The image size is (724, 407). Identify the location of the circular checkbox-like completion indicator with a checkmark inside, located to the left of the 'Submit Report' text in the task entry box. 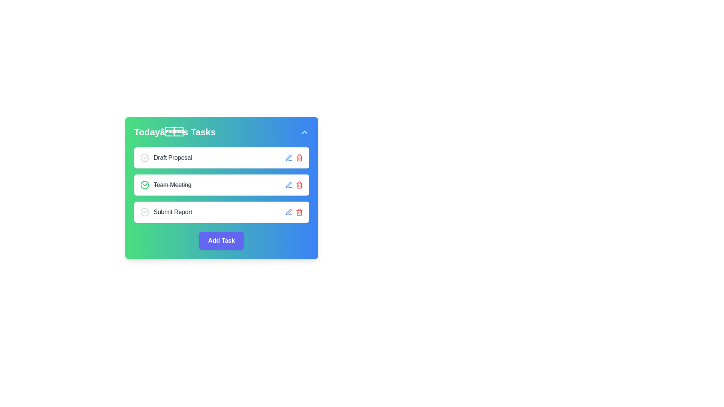
(144, 212).